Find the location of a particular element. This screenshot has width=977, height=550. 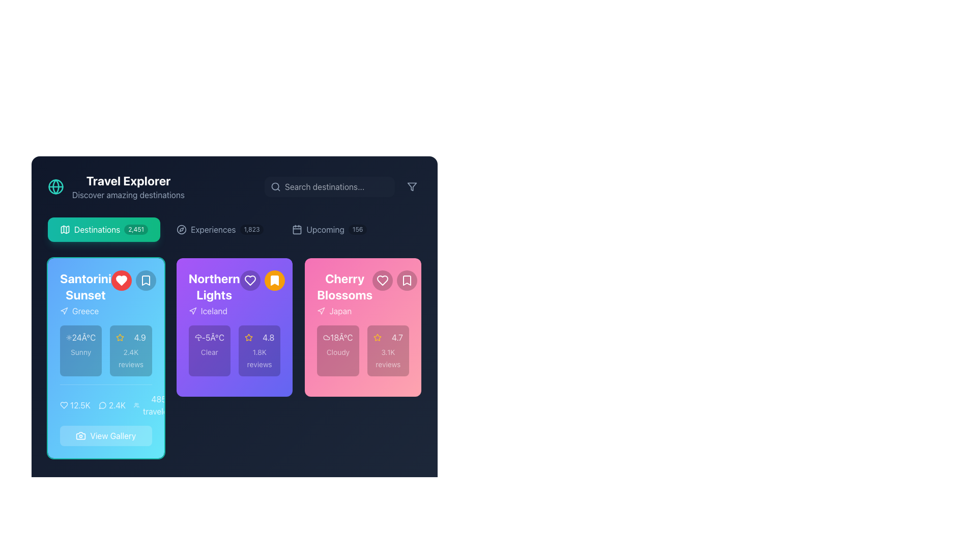

the informational display card containing the amber star icon and the text '4.9' with '2.4K reviews' underneath, located in the second row of items in the layout is located at coordinates (130, 350).